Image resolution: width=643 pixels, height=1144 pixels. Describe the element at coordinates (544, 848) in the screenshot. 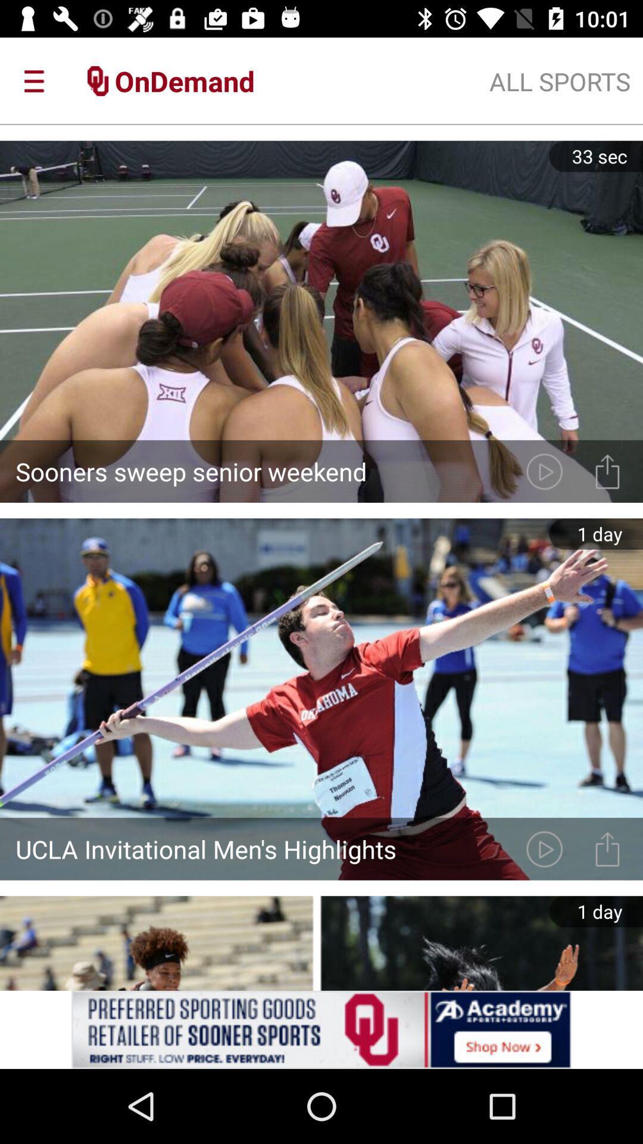

I see `next` at that location.